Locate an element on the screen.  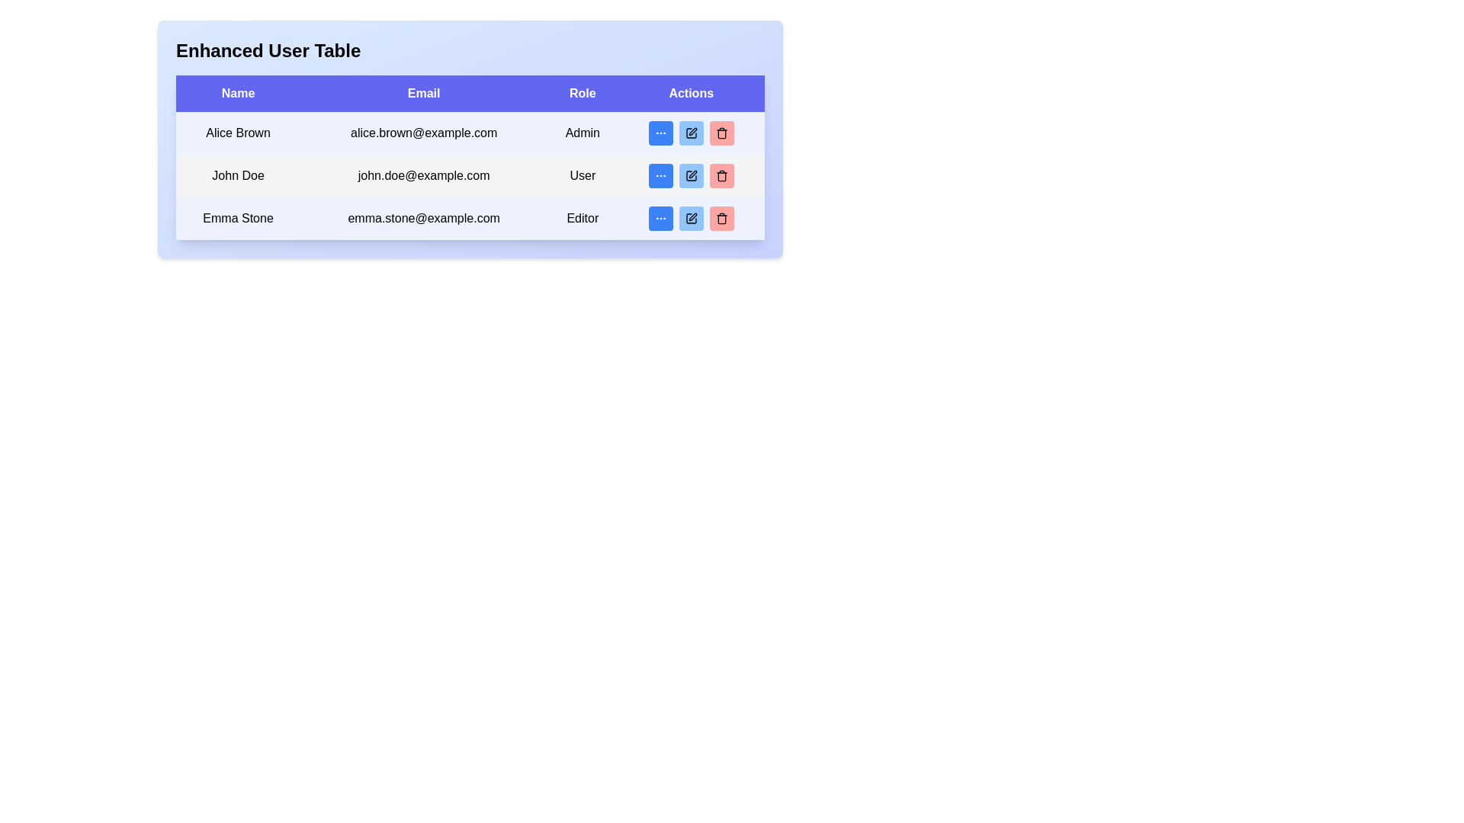
the edit button for the user 'Emma Stone' is located at coordinates (690, 218).